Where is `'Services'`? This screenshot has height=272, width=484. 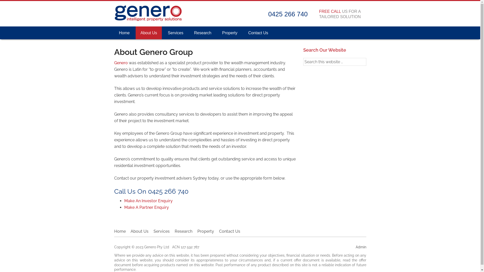 'Services' is located at coordinates (162, 231).